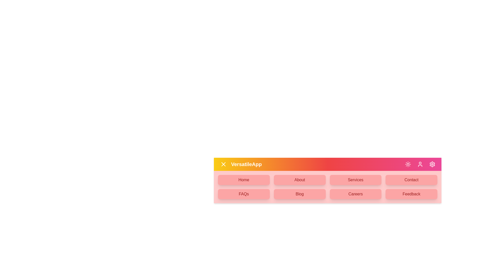  I want to click on the menu button to toggle the menu open or close, so click(223, 164).